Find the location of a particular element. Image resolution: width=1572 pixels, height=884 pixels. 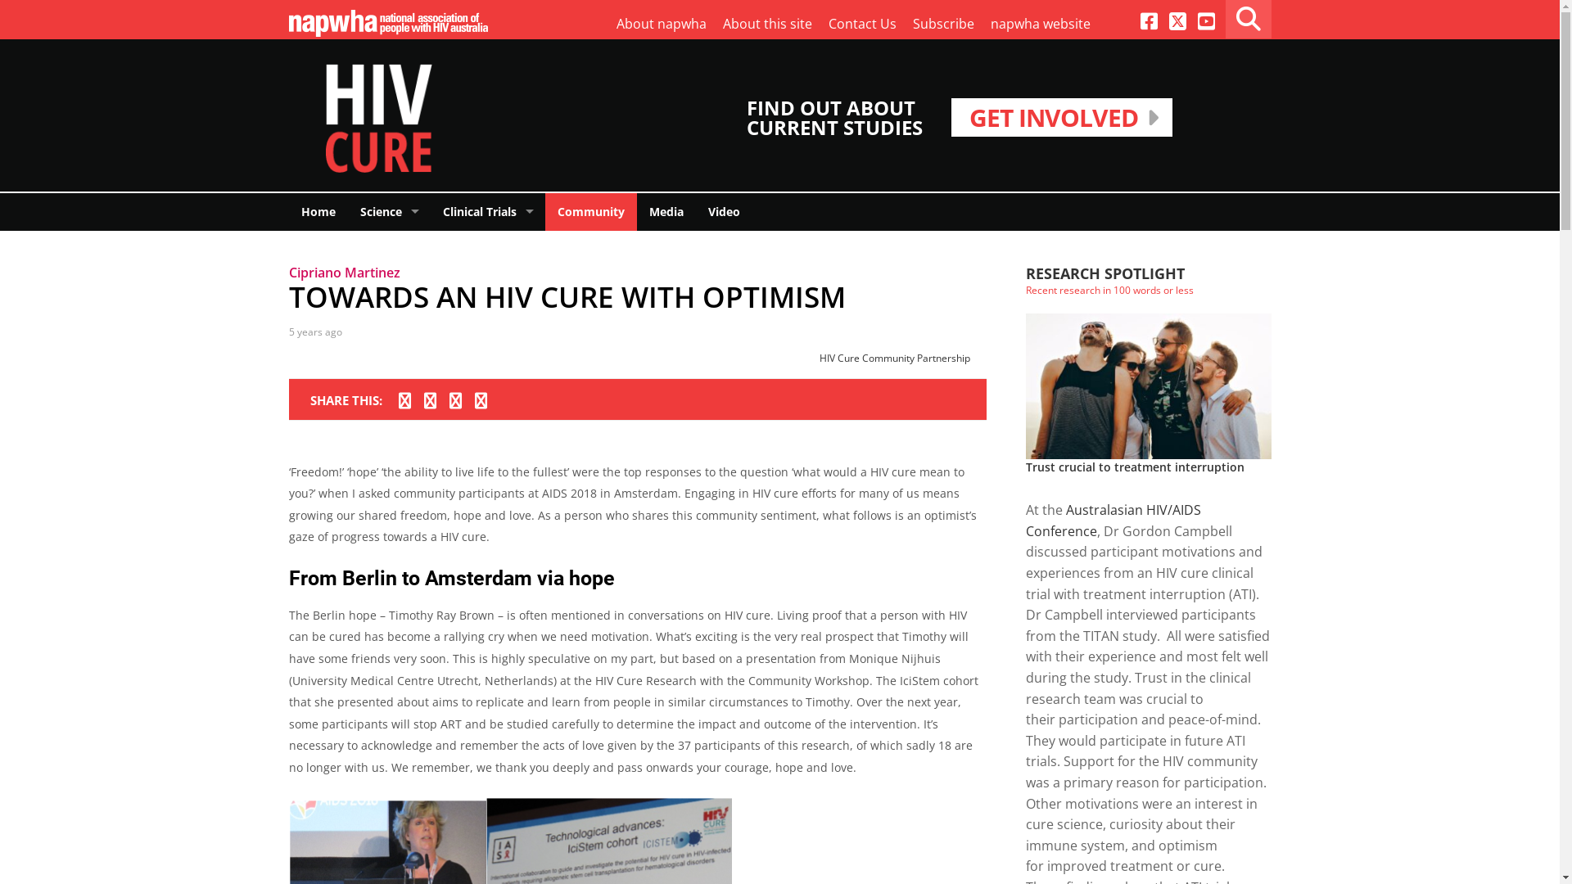

'Subscribe' is located at coordinates (942, 25).